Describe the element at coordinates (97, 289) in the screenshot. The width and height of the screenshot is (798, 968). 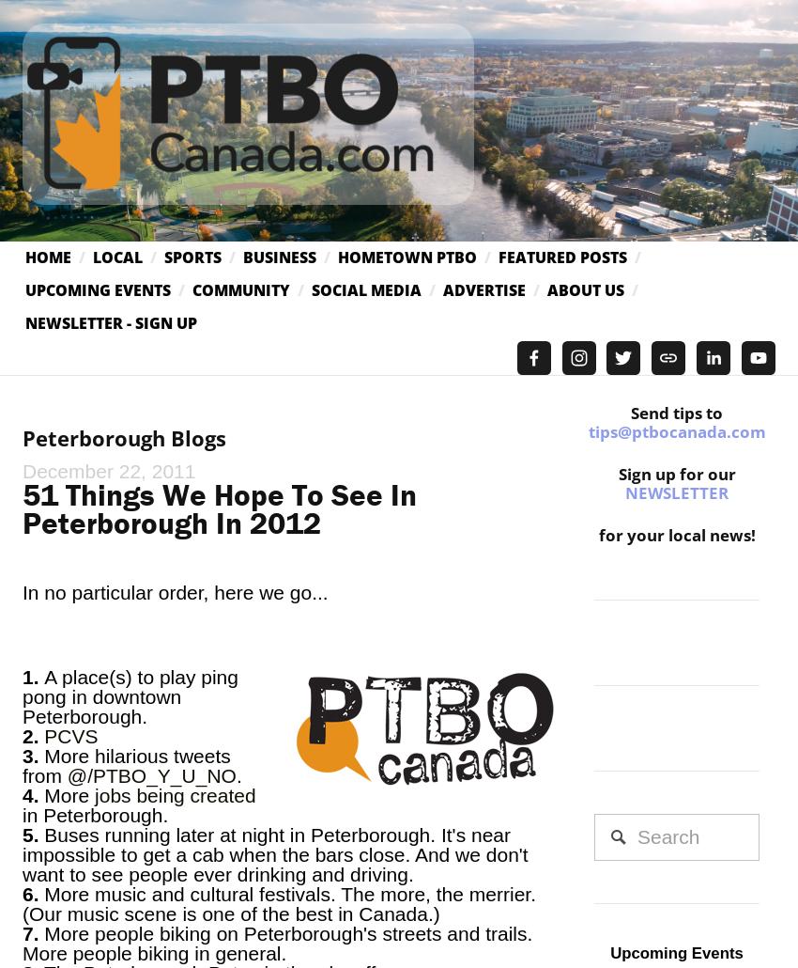
I see `'Upcoming Events'` at that location.